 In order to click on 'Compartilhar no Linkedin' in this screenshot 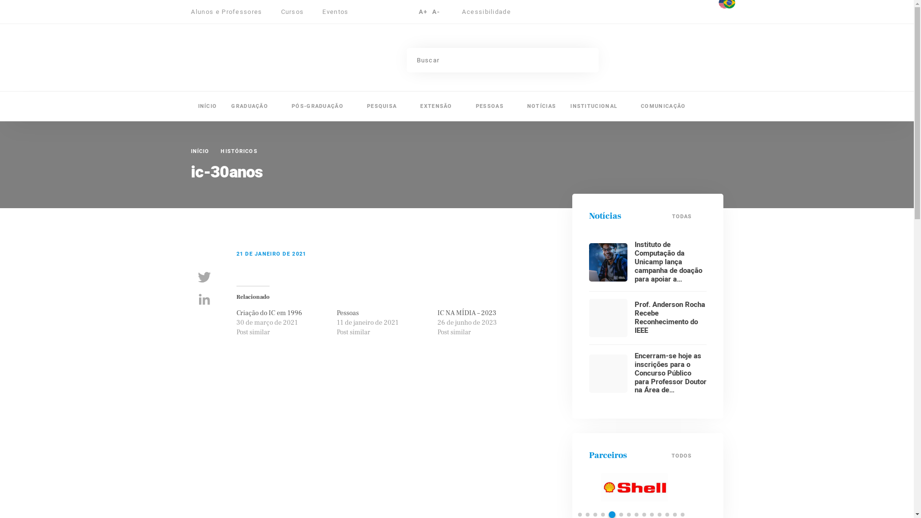, I will do `click(204, 299)`.